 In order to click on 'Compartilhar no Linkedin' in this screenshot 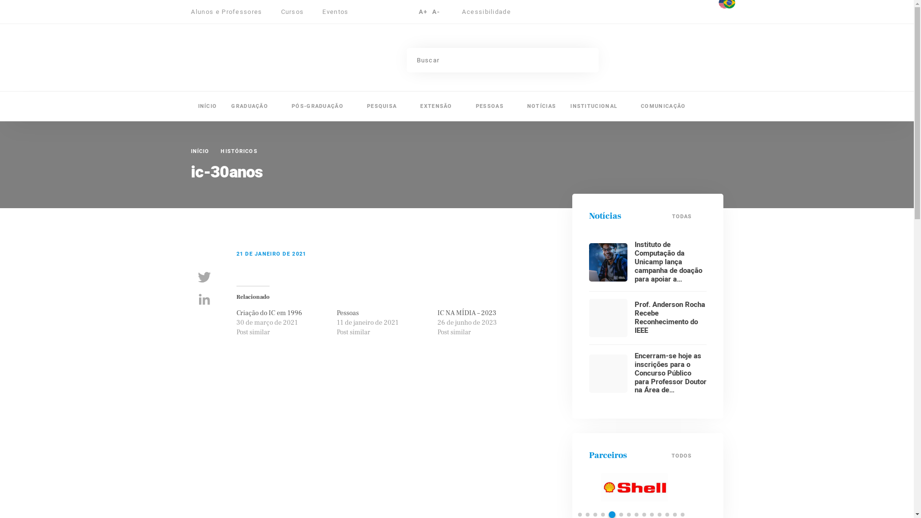, I will do `click(204, 299)`.